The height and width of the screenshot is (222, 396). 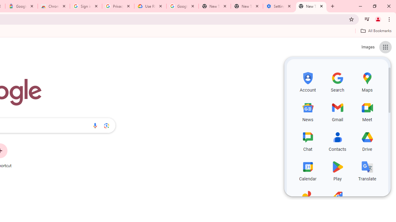 I want to click on 'Maps, row 1 of 5 and column 3 of 3 in the first section', so click(x=367, y=81).